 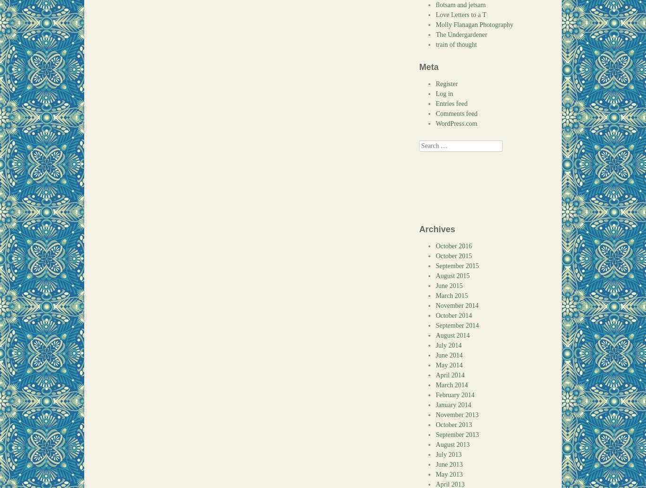 I want to click on 'June 2014', so click(x=449, y=355).